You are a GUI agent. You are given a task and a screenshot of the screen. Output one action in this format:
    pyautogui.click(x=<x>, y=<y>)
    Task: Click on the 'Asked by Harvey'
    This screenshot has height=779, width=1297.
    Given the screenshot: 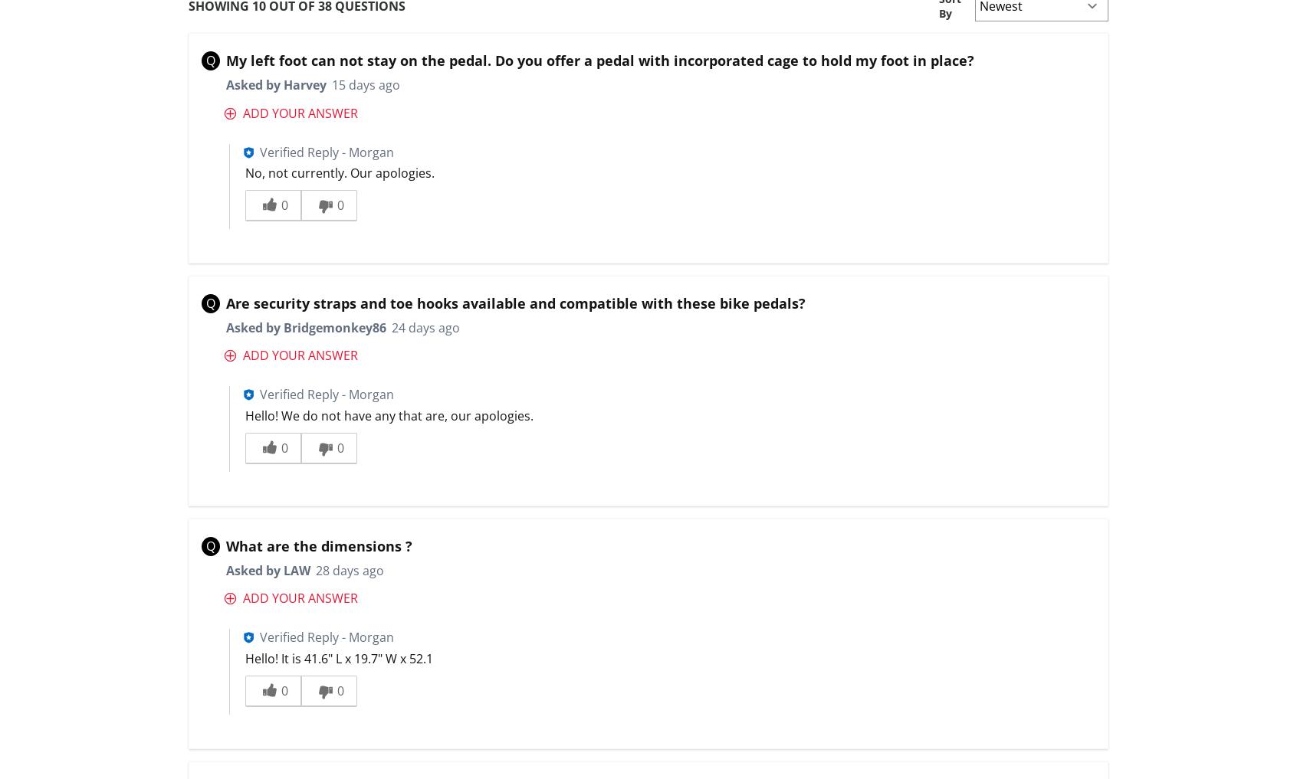 What is the action you would take?
    pyautogui.click(x=225, y=84)
    